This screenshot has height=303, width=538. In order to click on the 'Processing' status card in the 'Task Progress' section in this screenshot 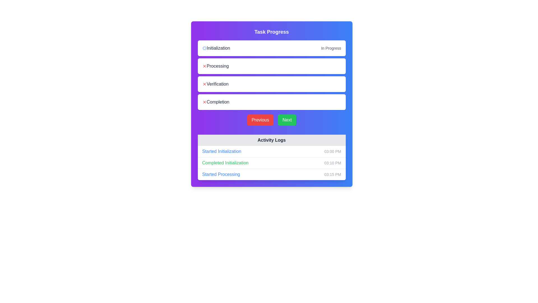, I will do `click(272, 66)`.